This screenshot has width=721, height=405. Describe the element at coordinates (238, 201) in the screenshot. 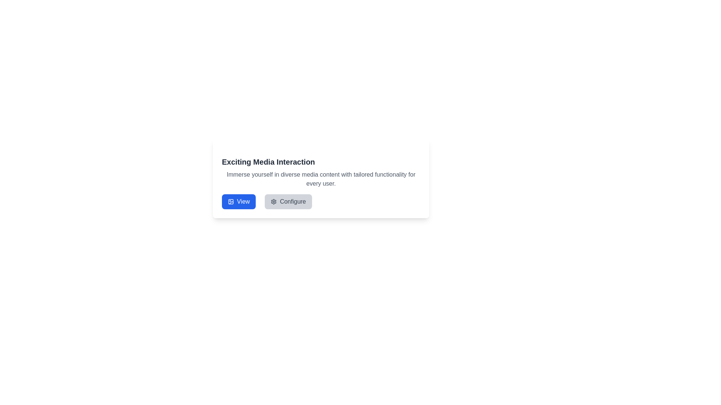

I see `the left button in the horizontal group below the heading 'Exciting Media Interaction'` at that location.